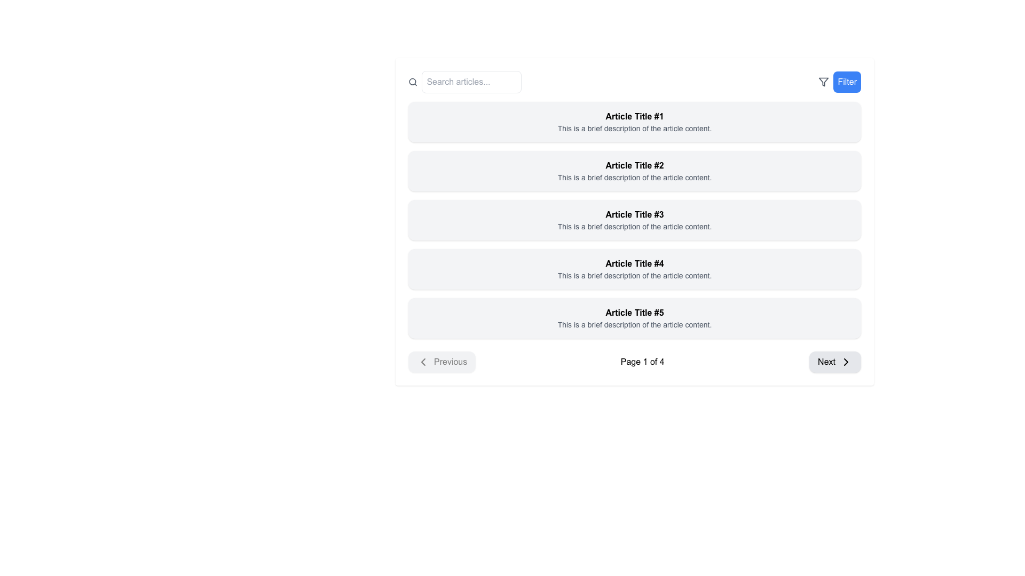  What do you see at coordinates (635, 324) in the screenshot?
I see `supplementary description text located directly below the title 'Article Title #5' in the fifth row of the article list` at bounding box center [635, 324].